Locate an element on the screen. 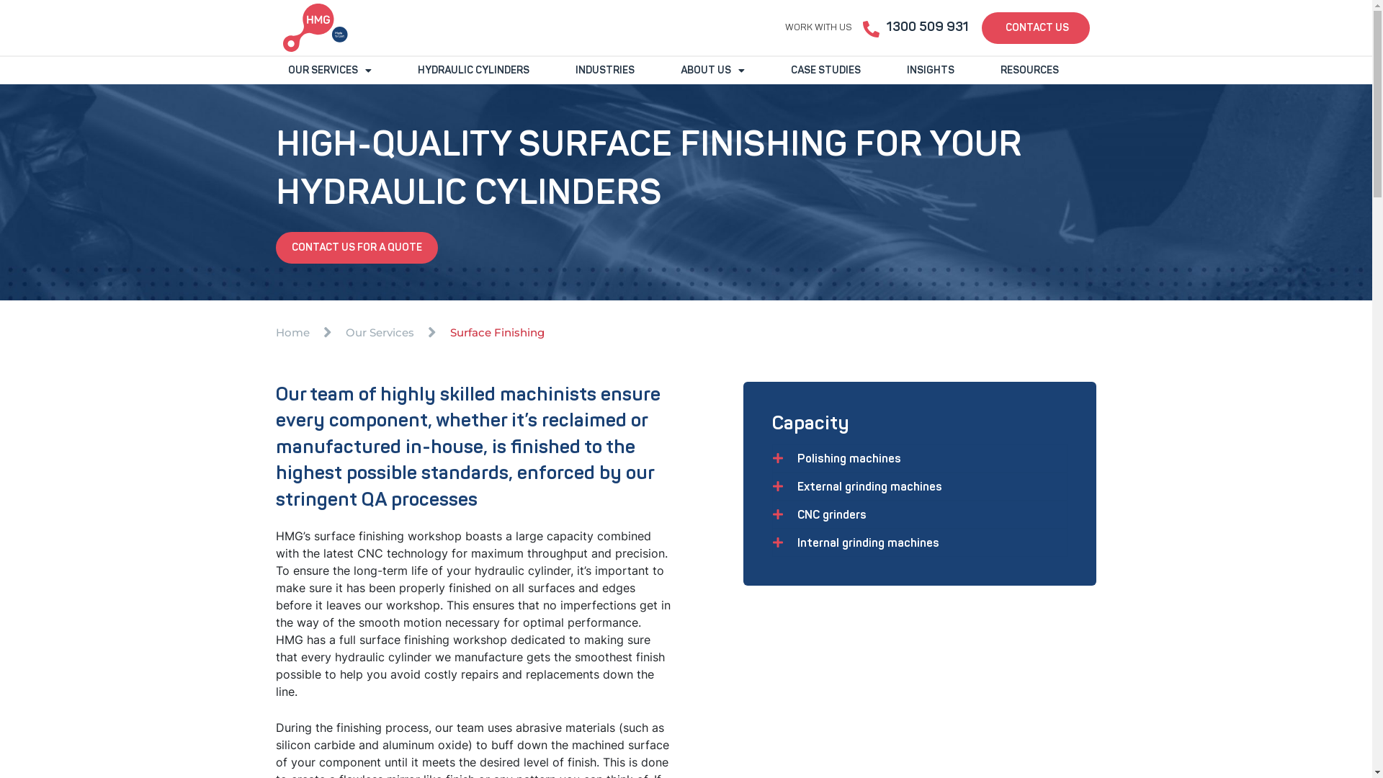 The image size is (1383, 778). 'WORK WITH US' is located at coordinates (818, 27).